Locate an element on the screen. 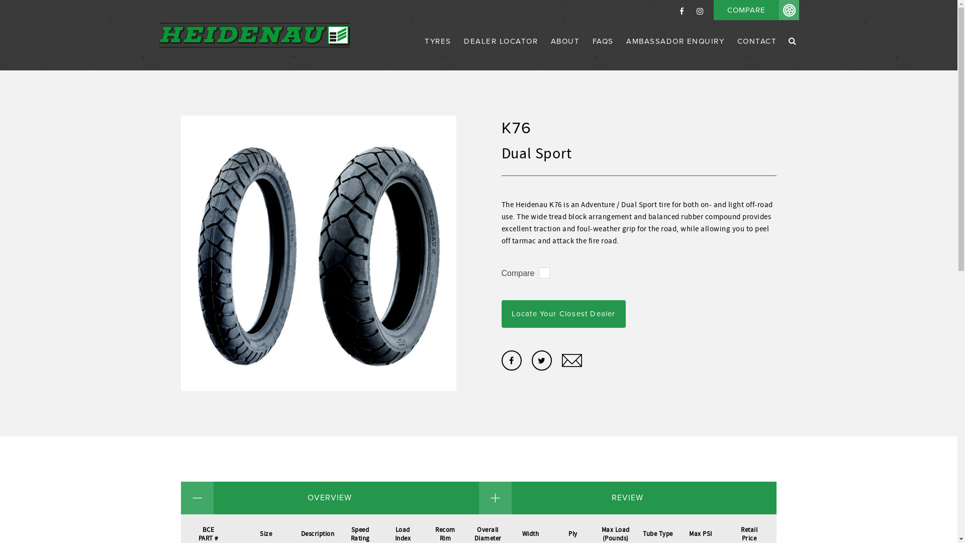 The height and width of the screenshot is (543, 965). 'Heidenau' is located at coordinates (254, 34).